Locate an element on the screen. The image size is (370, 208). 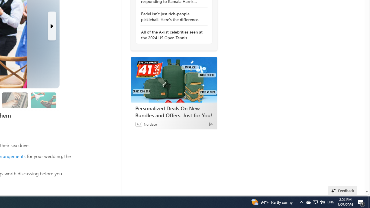
'Feedback' is located at coordinates (343, 190).